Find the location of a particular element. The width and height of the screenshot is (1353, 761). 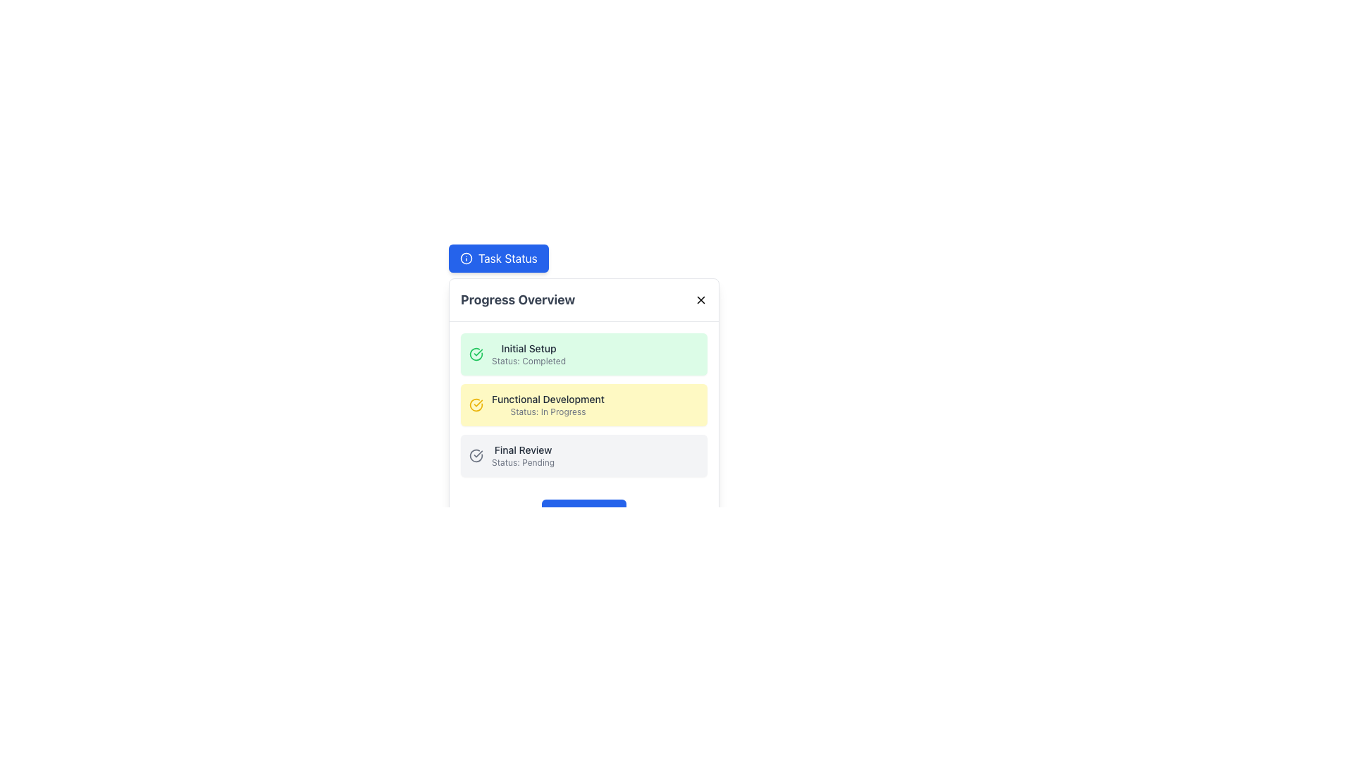

the 'In Progress' status indicator for the 'Functional Development' task to focus on it within the task management interface is located at coordinates (547, 404).